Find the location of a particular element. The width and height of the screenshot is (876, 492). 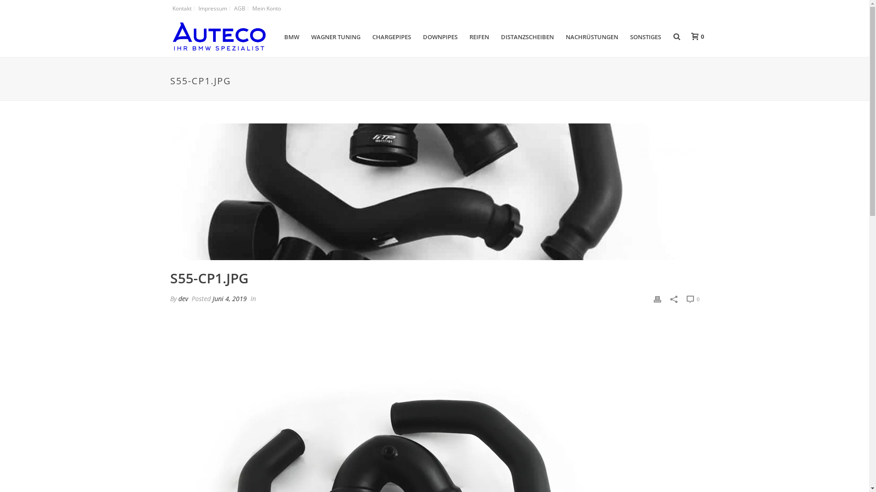

'AGB' is located at coordinates (240, 9).